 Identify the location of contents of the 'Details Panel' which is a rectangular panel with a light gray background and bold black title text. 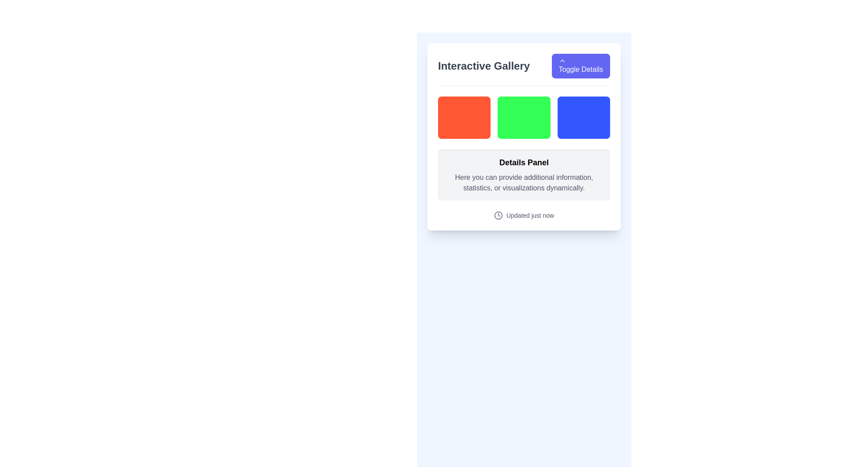
(524, 175).